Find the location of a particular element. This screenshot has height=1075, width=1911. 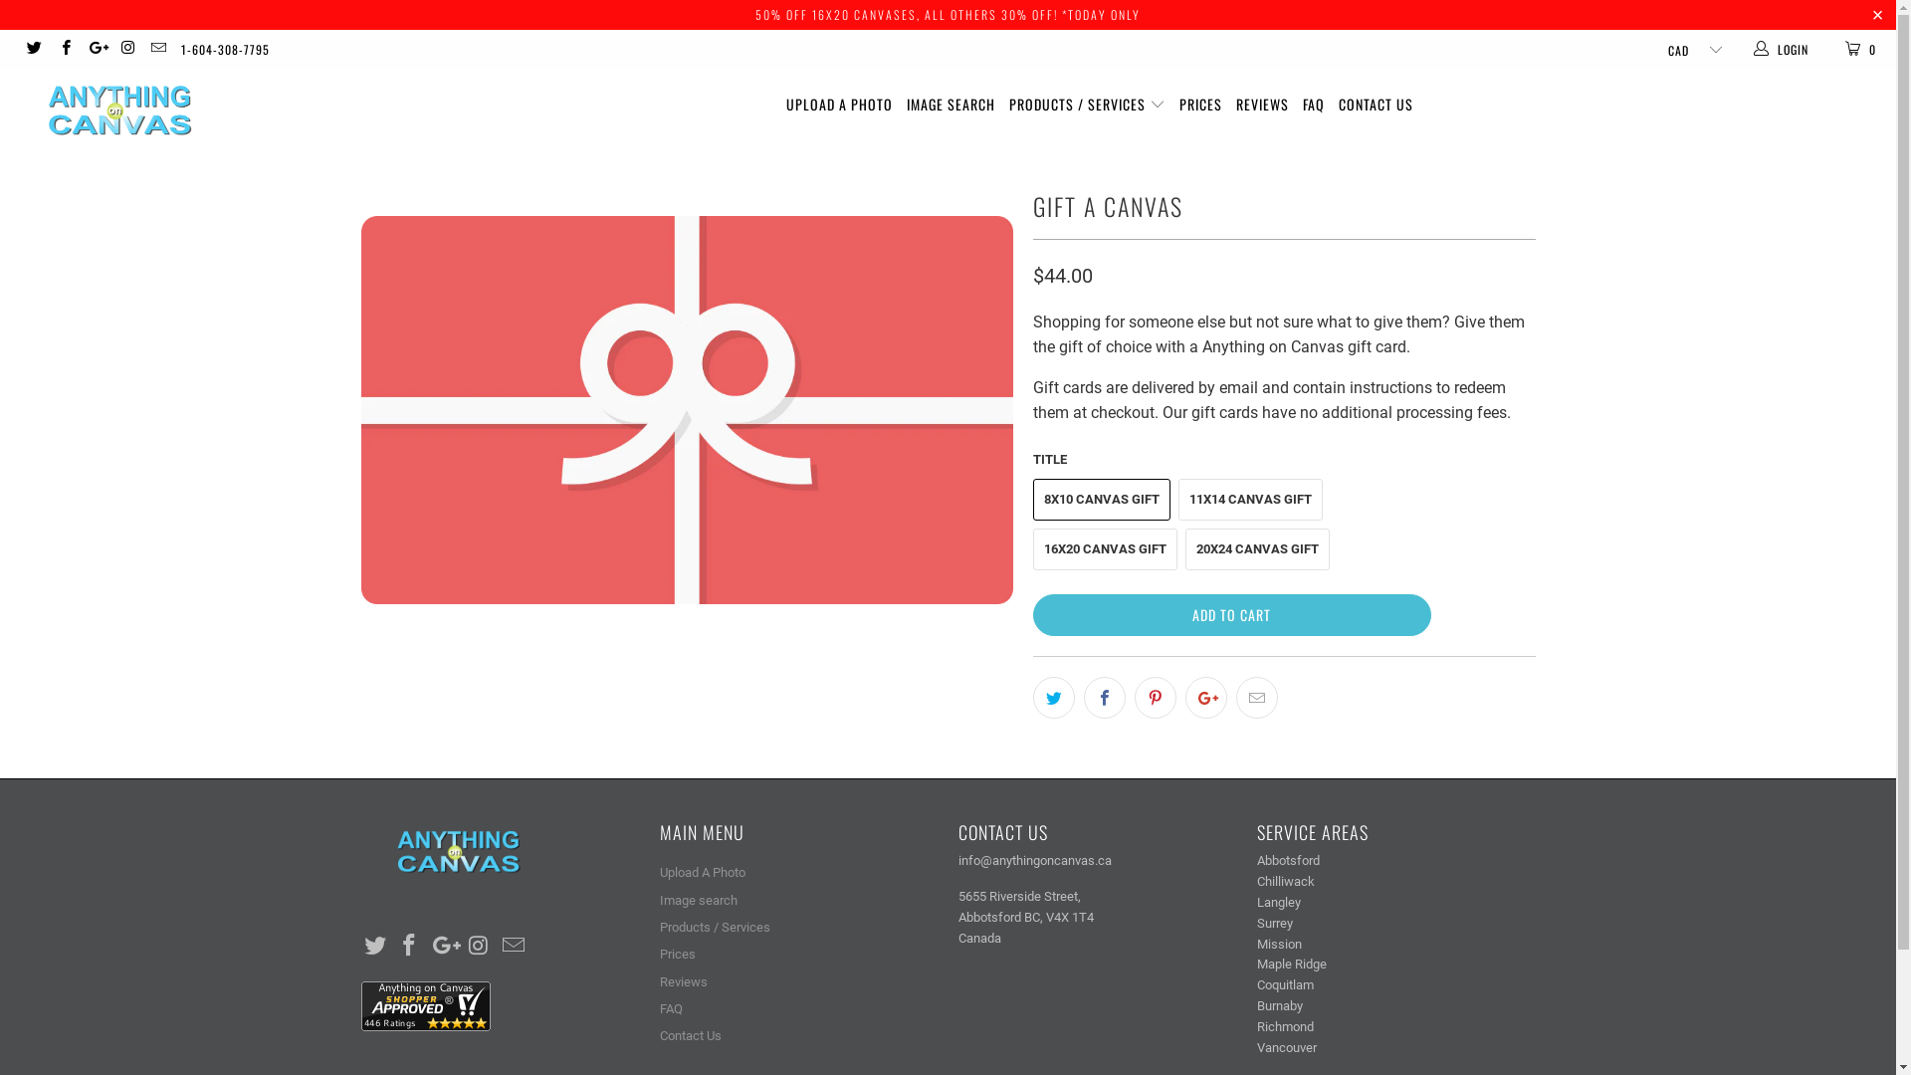

'Anything on Canvas on Twitter' is located at coordinates (375, 946).